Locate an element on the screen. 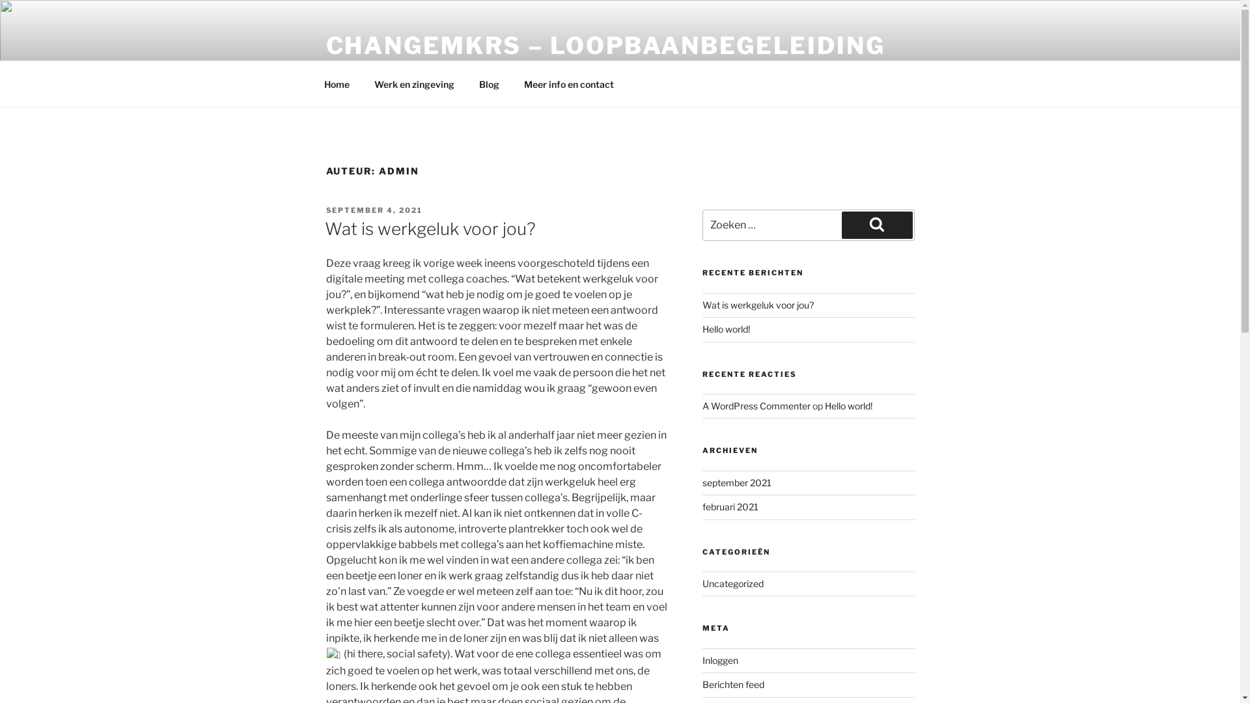 The image size is (1250, 703). 'Uncategorized' is located at coordinates (733, 583).